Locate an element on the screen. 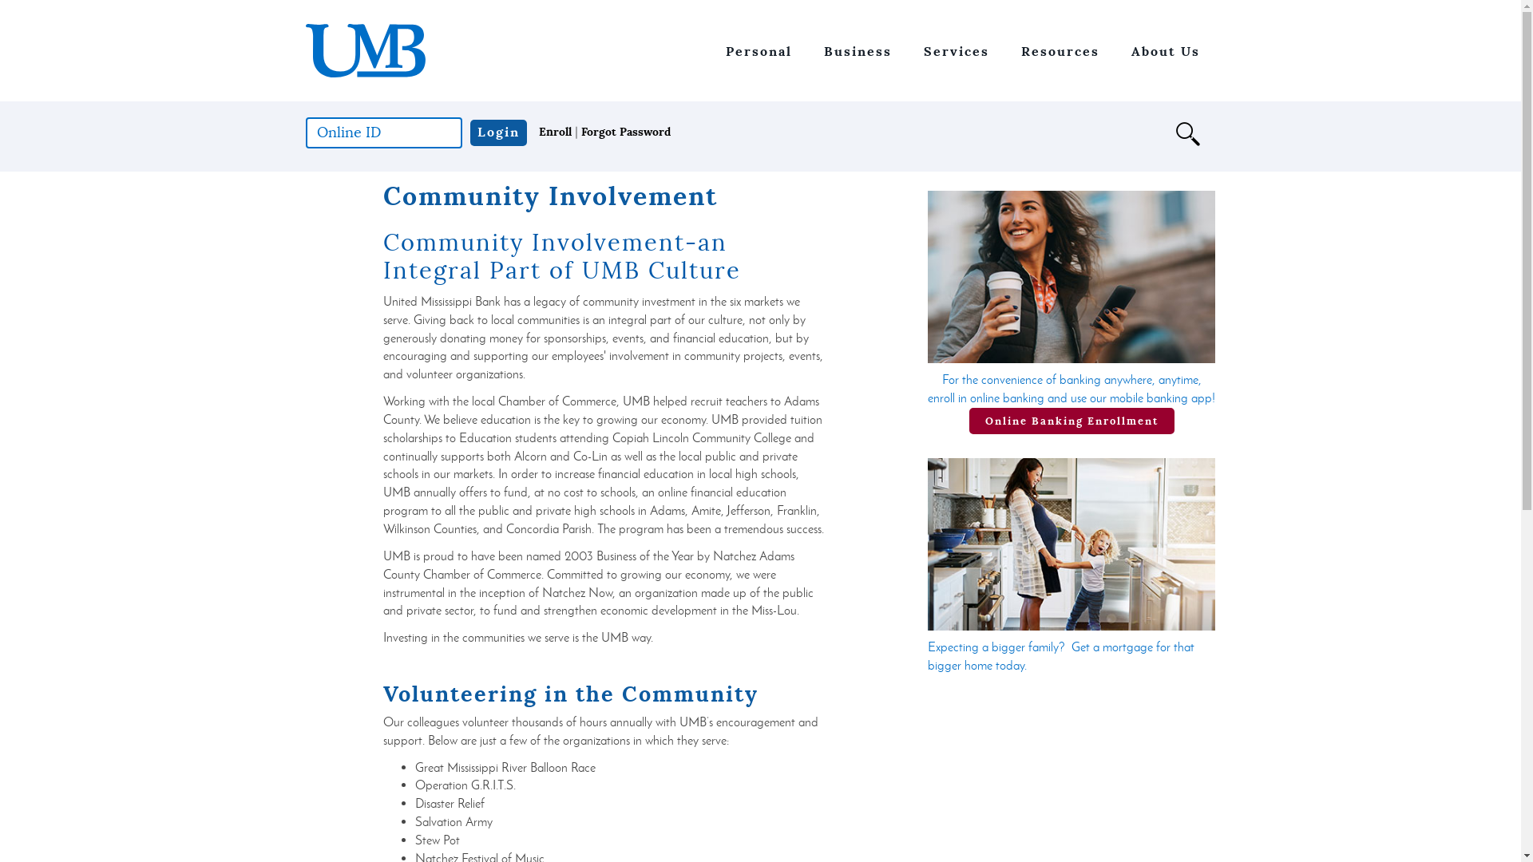 This screenshot has width=1533, height=862. 'Forgot Password' is located at coordinates (580, 131).